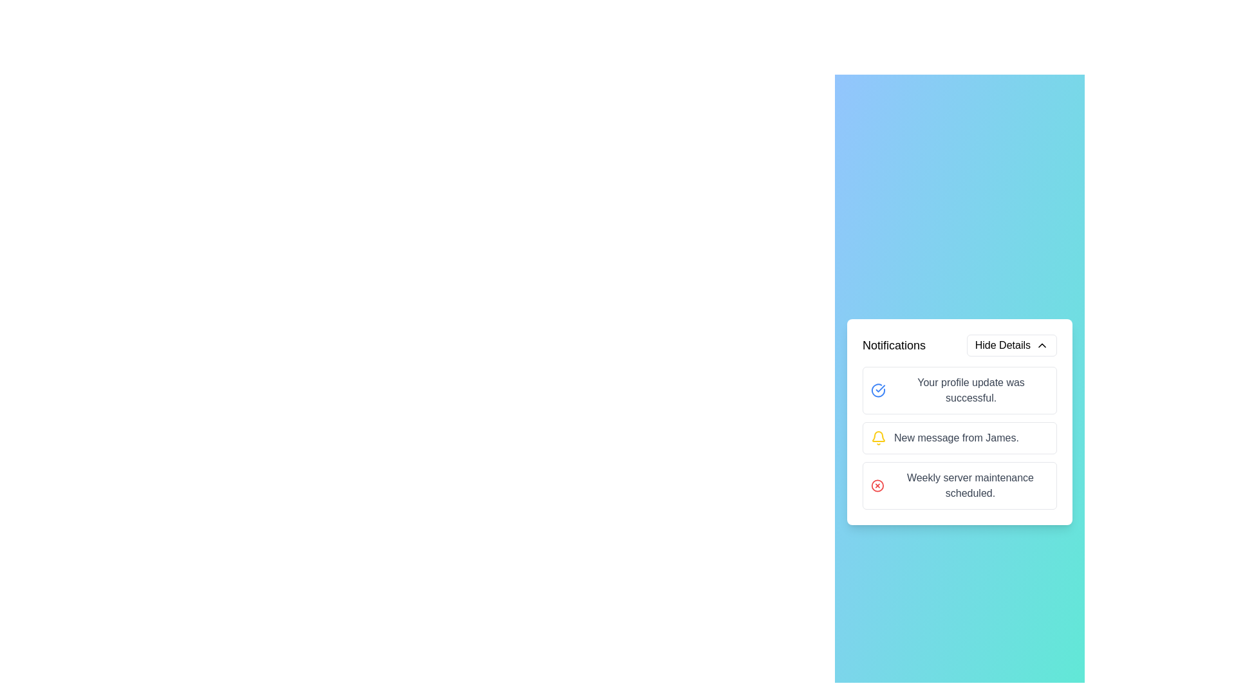  What do you see at coordinates (1011, 344) in the screenshot?
I see `the toggle button for additional details related to notifications, located at the top-right corner of the notification card` at bounding box center [1011, 344].